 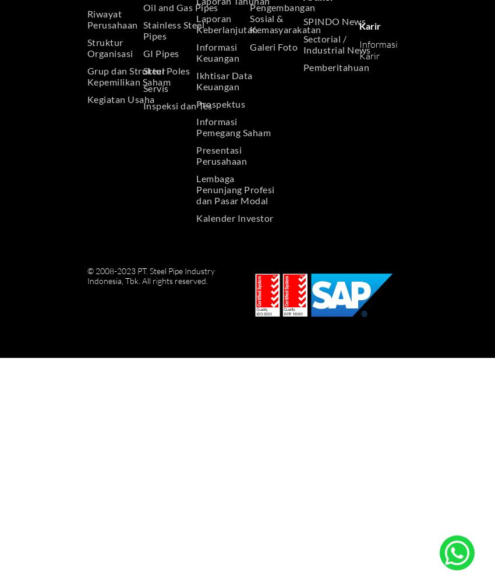 What do you see at coordinates (165, 69) in the screenshot?
I see `'Steel Poles'` at bounding box center [165, 69].